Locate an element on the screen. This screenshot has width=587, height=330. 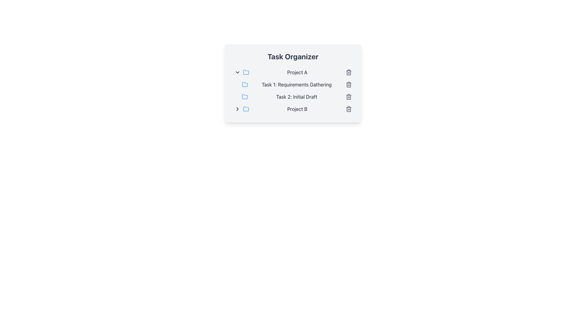
the folder icon representing the task 'Task 1: Requirements Gathering' is located at coordinates (245, 85).